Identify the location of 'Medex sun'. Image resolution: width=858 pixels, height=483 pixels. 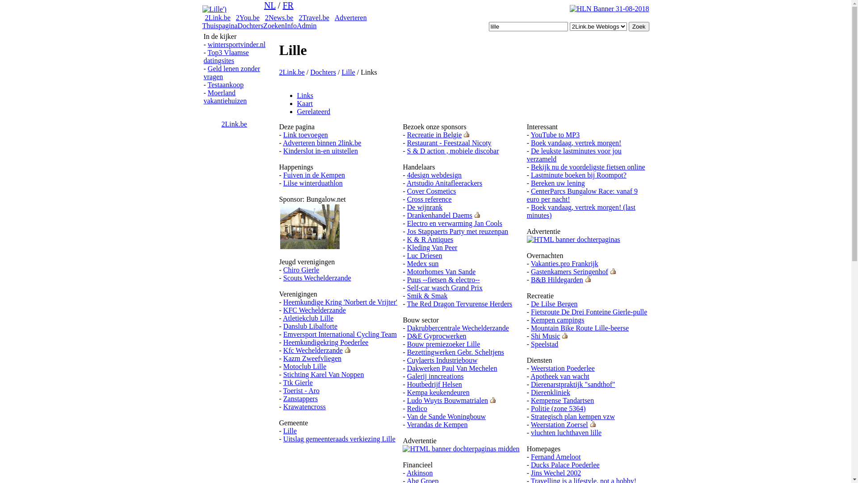
(422, 263).